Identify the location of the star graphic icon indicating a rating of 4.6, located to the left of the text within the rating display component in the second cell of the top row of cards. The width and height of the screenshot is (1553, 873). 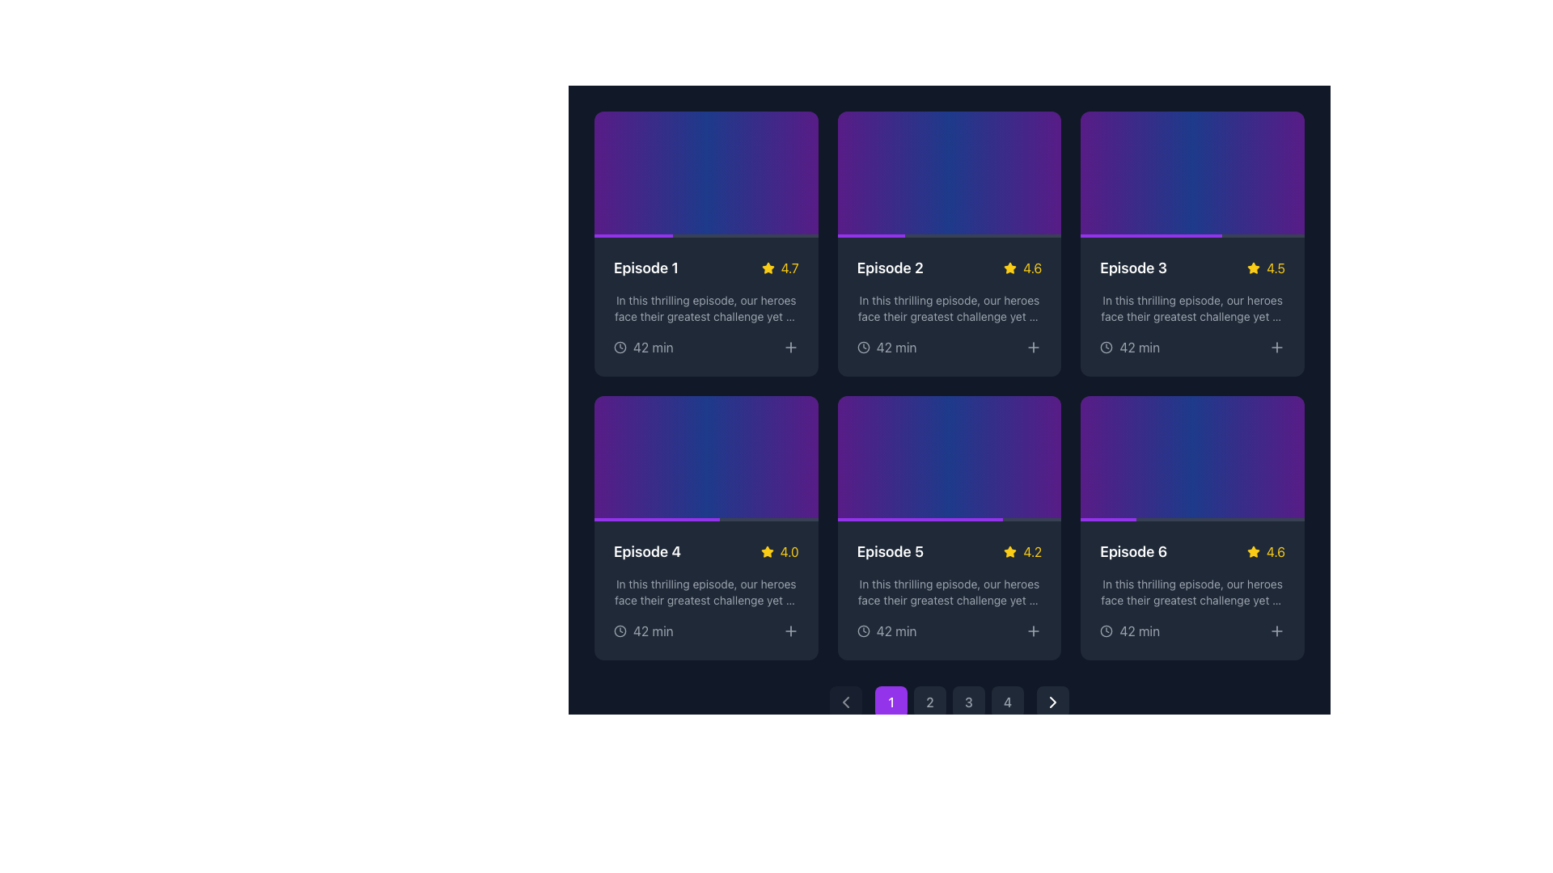
(1252, 551).